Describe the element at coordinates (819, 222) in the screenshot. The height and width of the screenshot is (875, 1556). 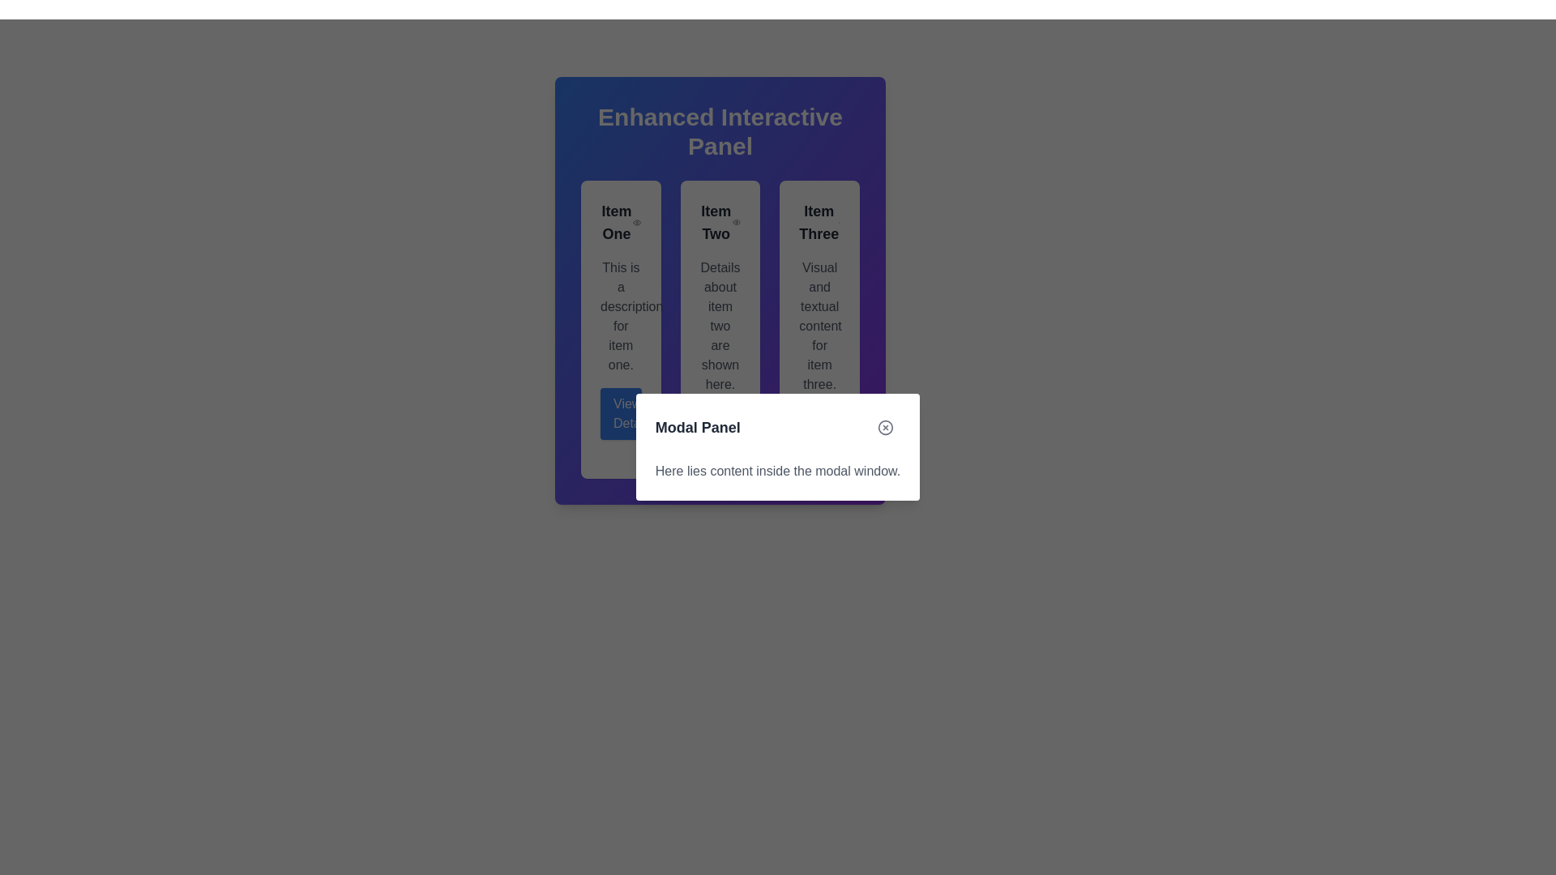
I see `the text label displaying 'Item Three' which is styled with a bold and larger font in dark gray, located in the right-most column under 'Enhanced Interactive Panel'` at that location.